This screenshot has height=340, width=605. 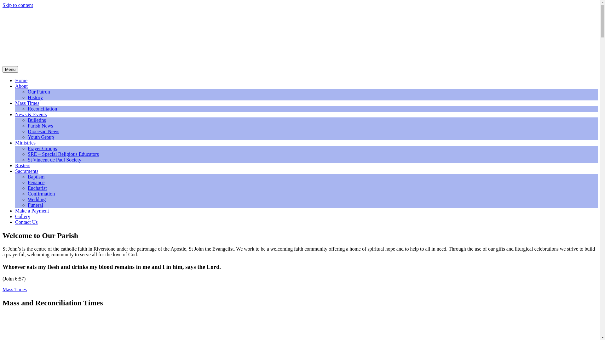 I want to click on 'Youth Group', so click(x=27, y=137).